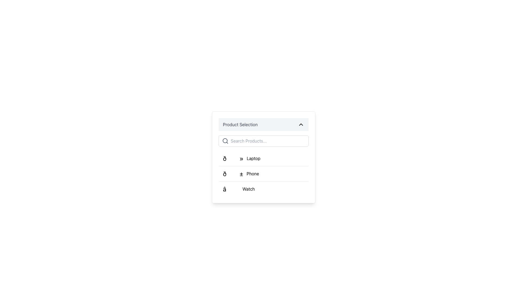 The image size is (517, 290). What do you see at coordinates (264, 158) in the screenshot?
I see `the first selectable item in the dropdown menu` at bounding box center [264, 158].